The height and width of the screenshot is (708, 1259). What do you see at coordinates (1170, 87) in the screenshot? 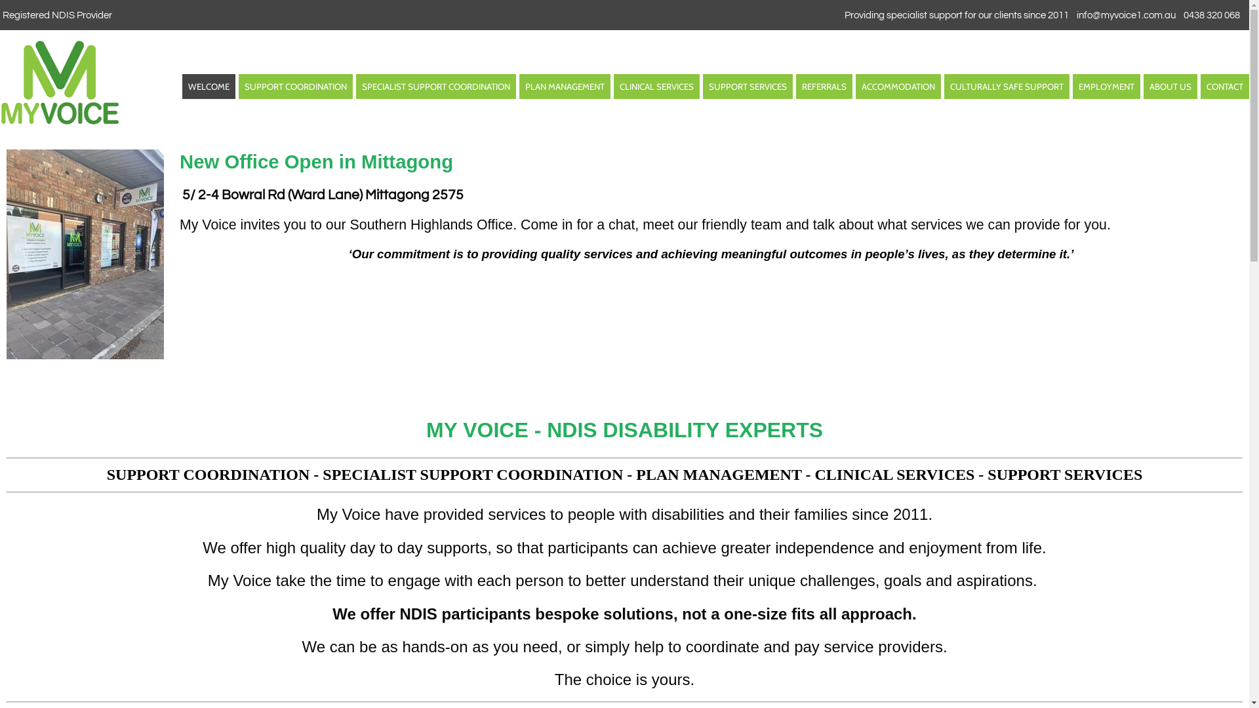
I see `'ABOUT US'` at bounding box center [1170, 87].